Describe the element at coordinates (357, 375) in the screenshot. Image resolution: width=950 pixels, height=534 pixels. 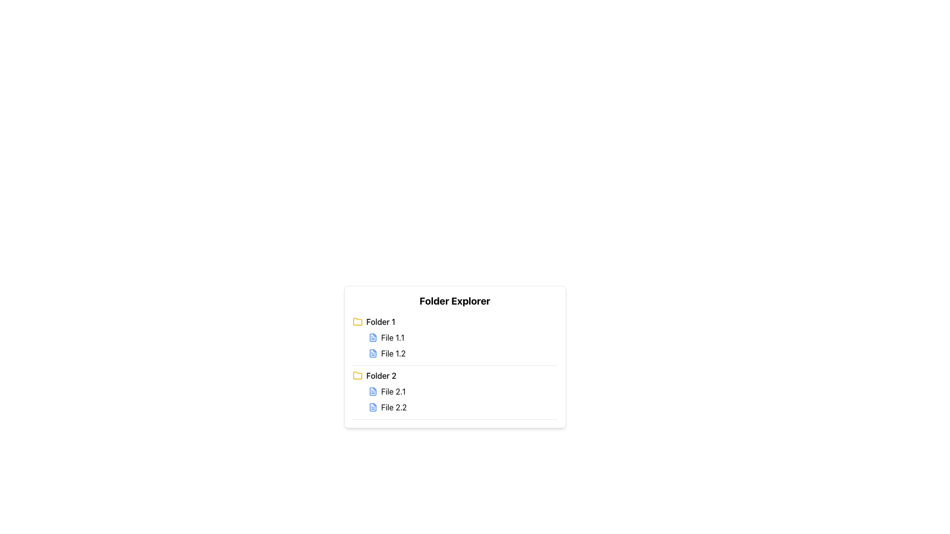
I see `the folder icon that visually represents a folder entity in the file explorer, which is positioned to the left of the text label 'Folder 2'` at that location.